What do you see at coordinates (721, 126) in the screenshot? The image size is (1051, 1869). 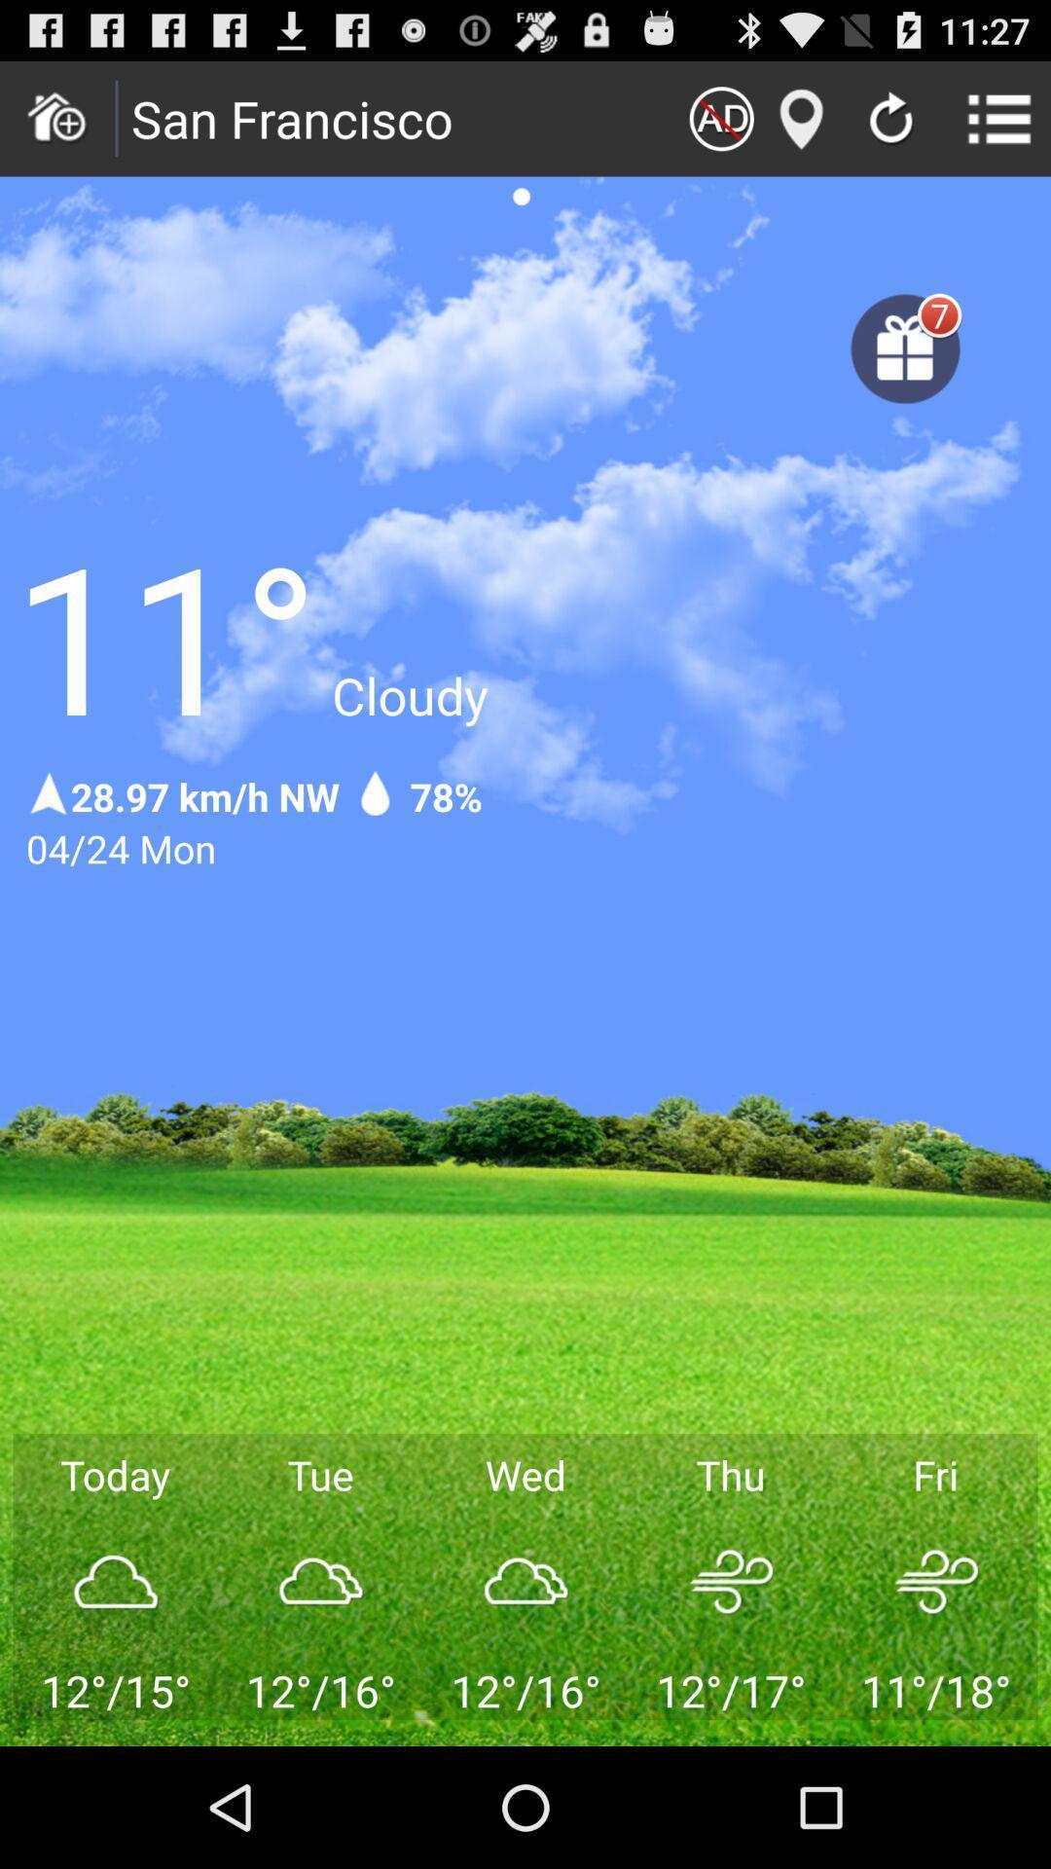 I see `the font icon` at bounding box center [721, 126].